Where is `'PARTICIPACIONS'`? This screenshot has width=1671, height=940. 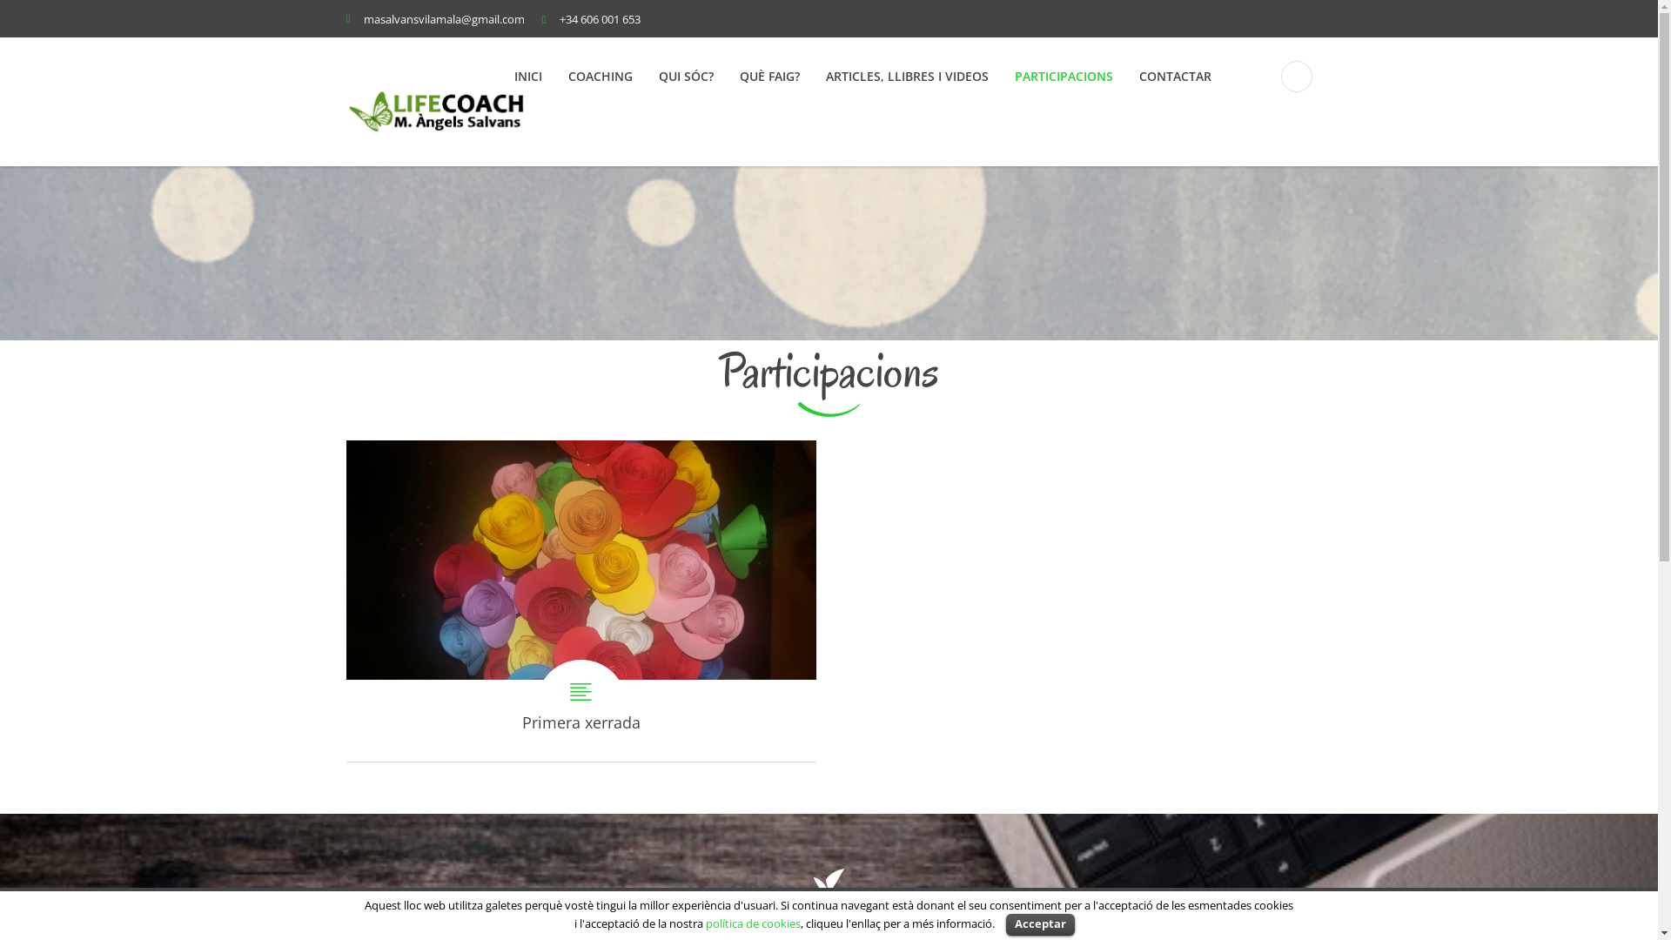 'PARTICIPACIONS' is located at coordinates (1063, 75).